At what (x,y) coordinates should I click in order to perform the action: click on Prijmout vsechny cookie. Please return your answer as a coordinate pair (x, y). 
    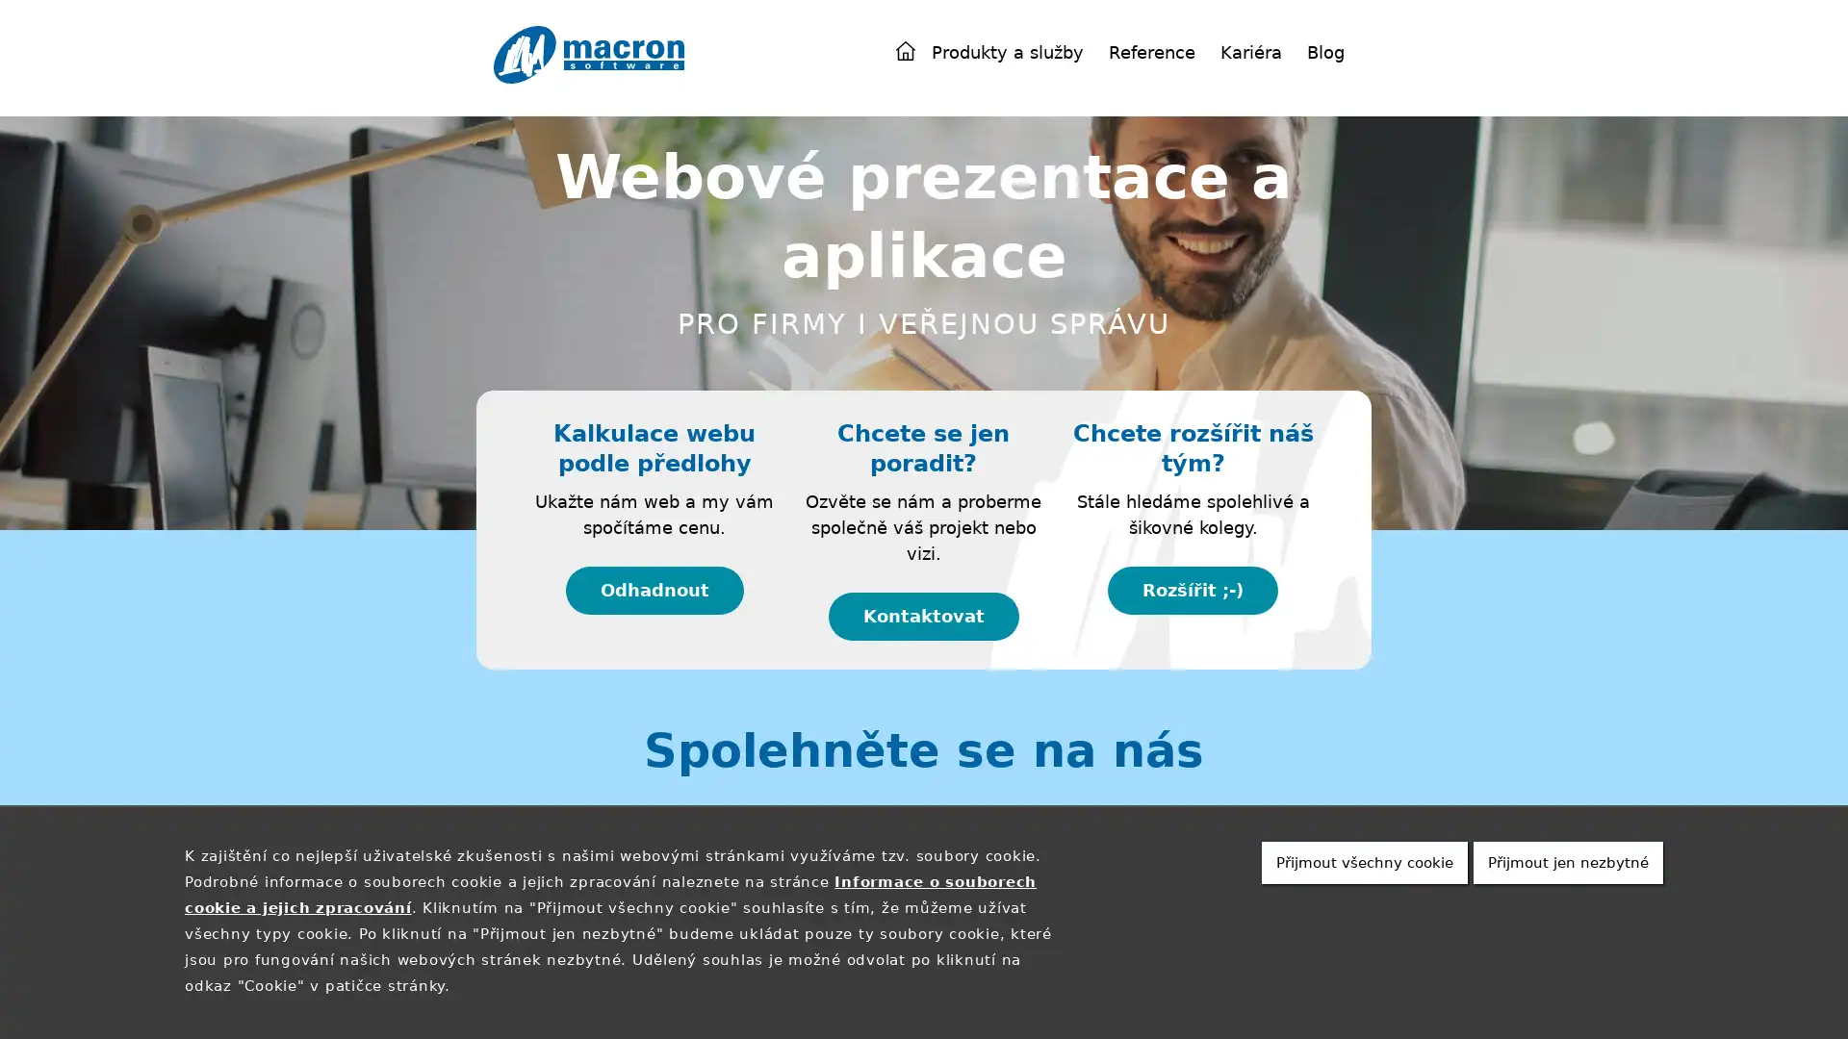
    Looking at the image, I should click on (1363, 862).